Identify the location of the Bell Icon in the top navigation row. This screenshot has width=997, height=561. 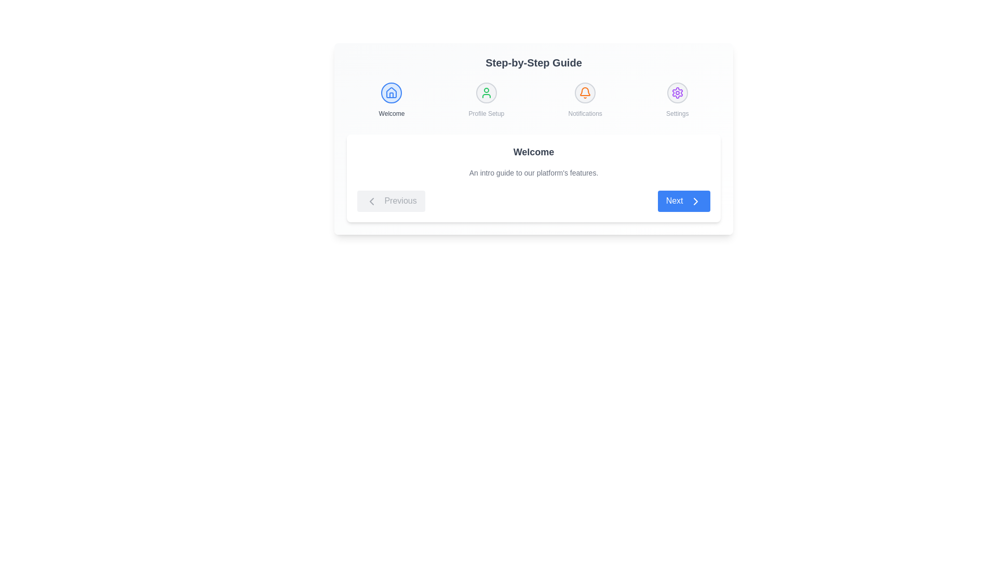
(585, 91).